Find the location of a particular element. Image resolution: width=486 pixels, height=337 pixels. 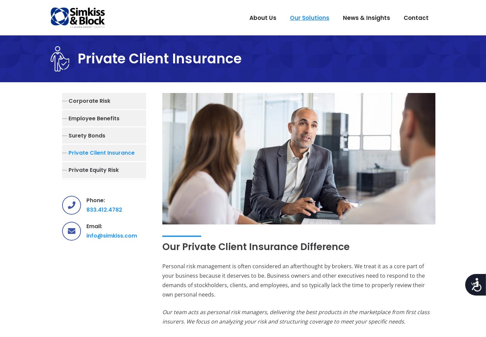

'Surety Bonds' is located at coordinates (86, 135).